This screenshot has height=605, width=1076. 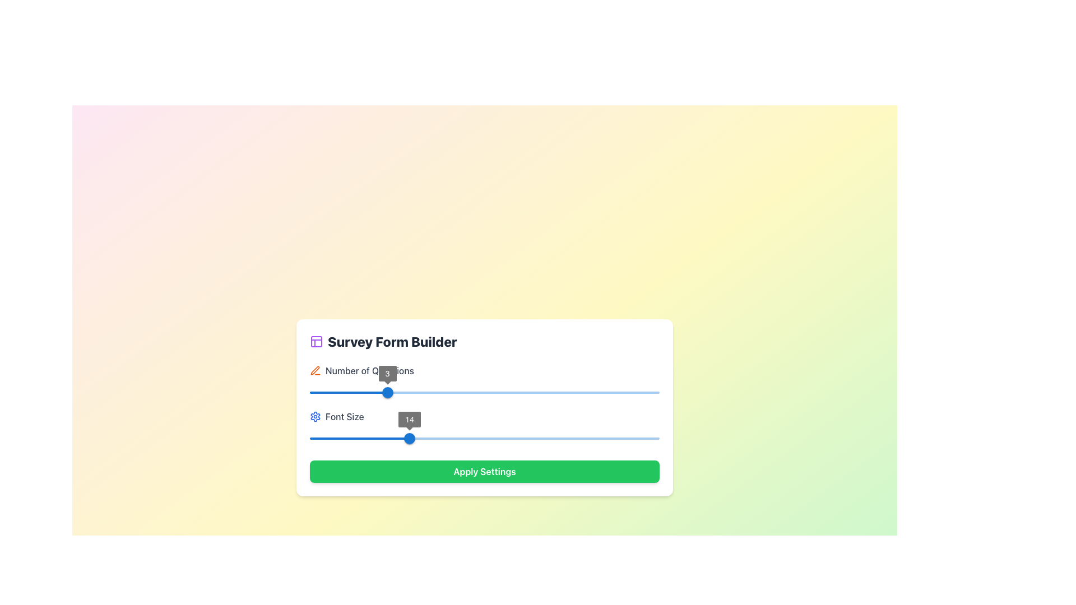 What do you see at coordinates (314, 417) in the screenshot?
I see `the settings icon located at the top-right corner of the Survey Form Builder interface` at bounding box center [314, 417].